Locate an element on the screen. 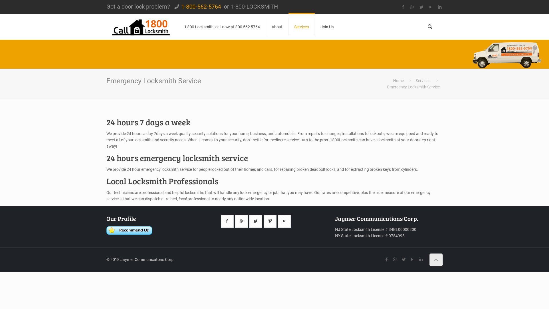 This screenshot has width=549, height=309. 'Join Us' is located at coordinates (327, 27).